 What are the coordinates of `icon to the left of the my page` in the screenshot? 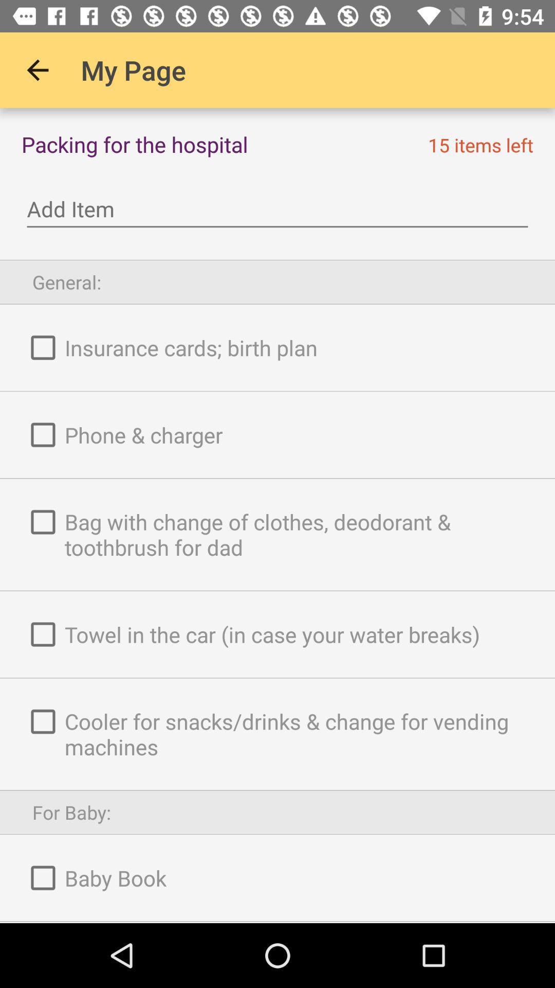 It's located at (37, 69).